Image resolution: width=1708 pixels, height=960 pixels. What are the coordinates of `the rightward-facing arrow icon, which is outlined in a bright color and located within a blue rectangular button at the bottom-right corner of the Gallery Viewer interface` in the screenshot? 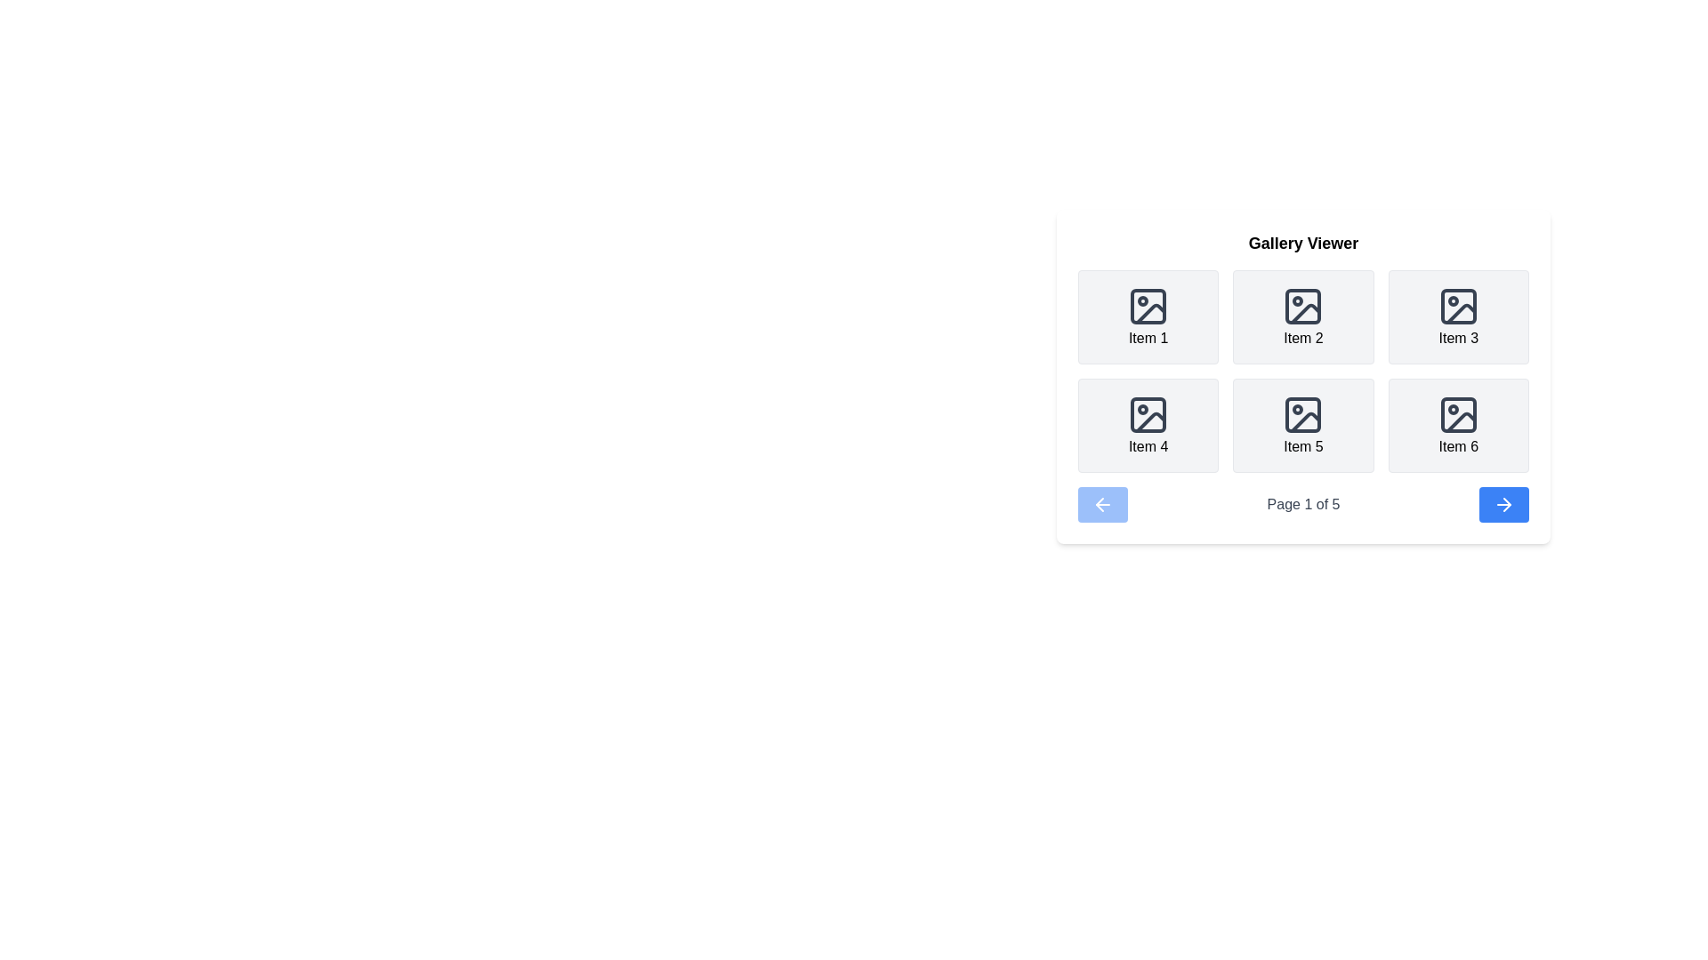 It's located at (1503, 504).